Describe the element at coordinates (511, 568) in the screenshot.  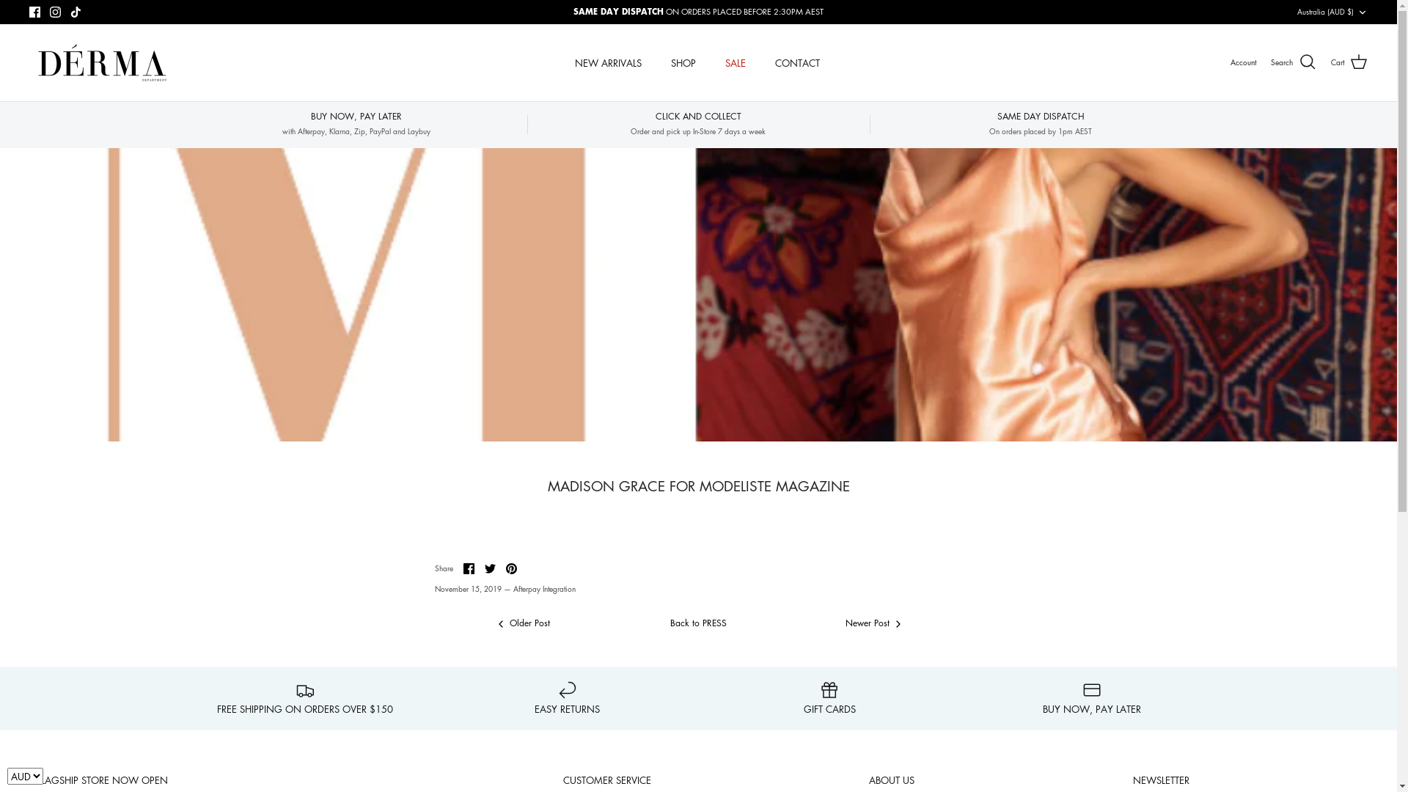
I see `'Pinterest` at that location.